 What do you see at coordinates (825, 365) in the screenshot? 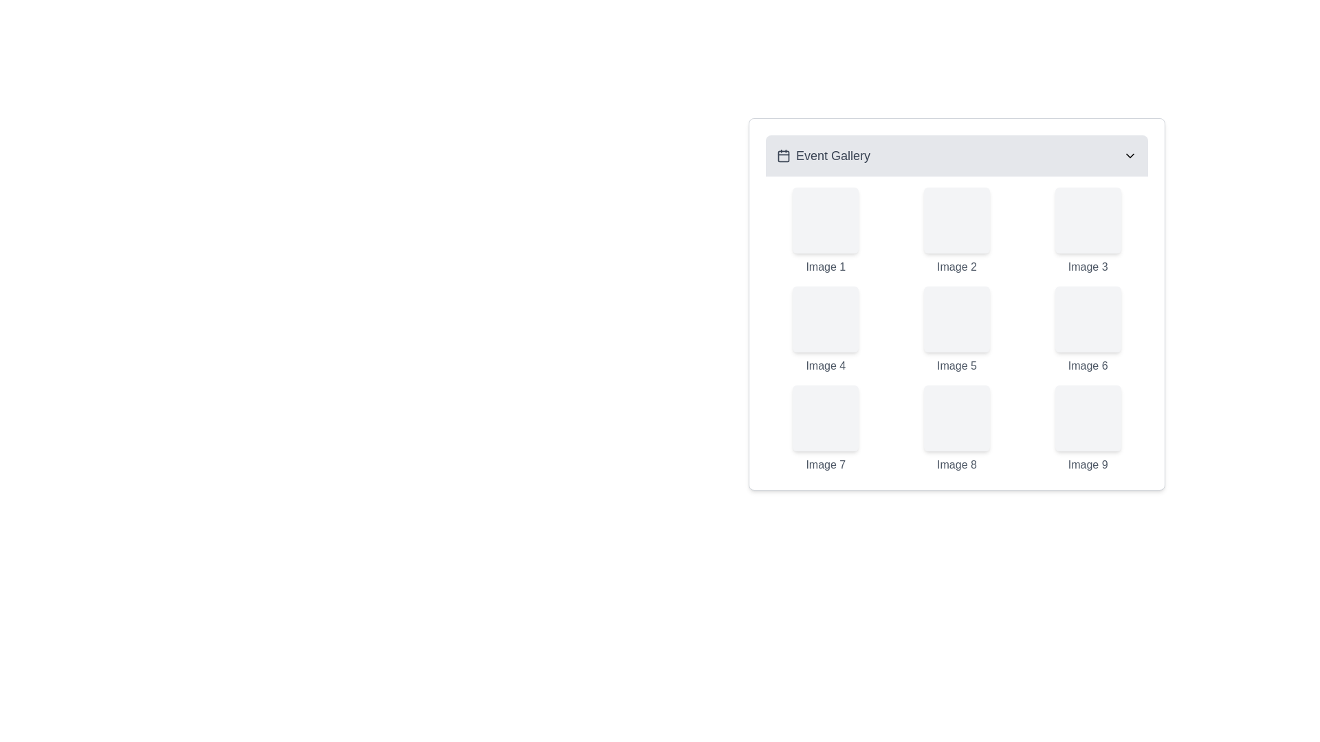
I see `the text label displaying 'Image 4', which is located in the middle column of the grid layout under the 'Event Gallery' section, directly below the associated image placeholder` at bounding box center [825, 365].